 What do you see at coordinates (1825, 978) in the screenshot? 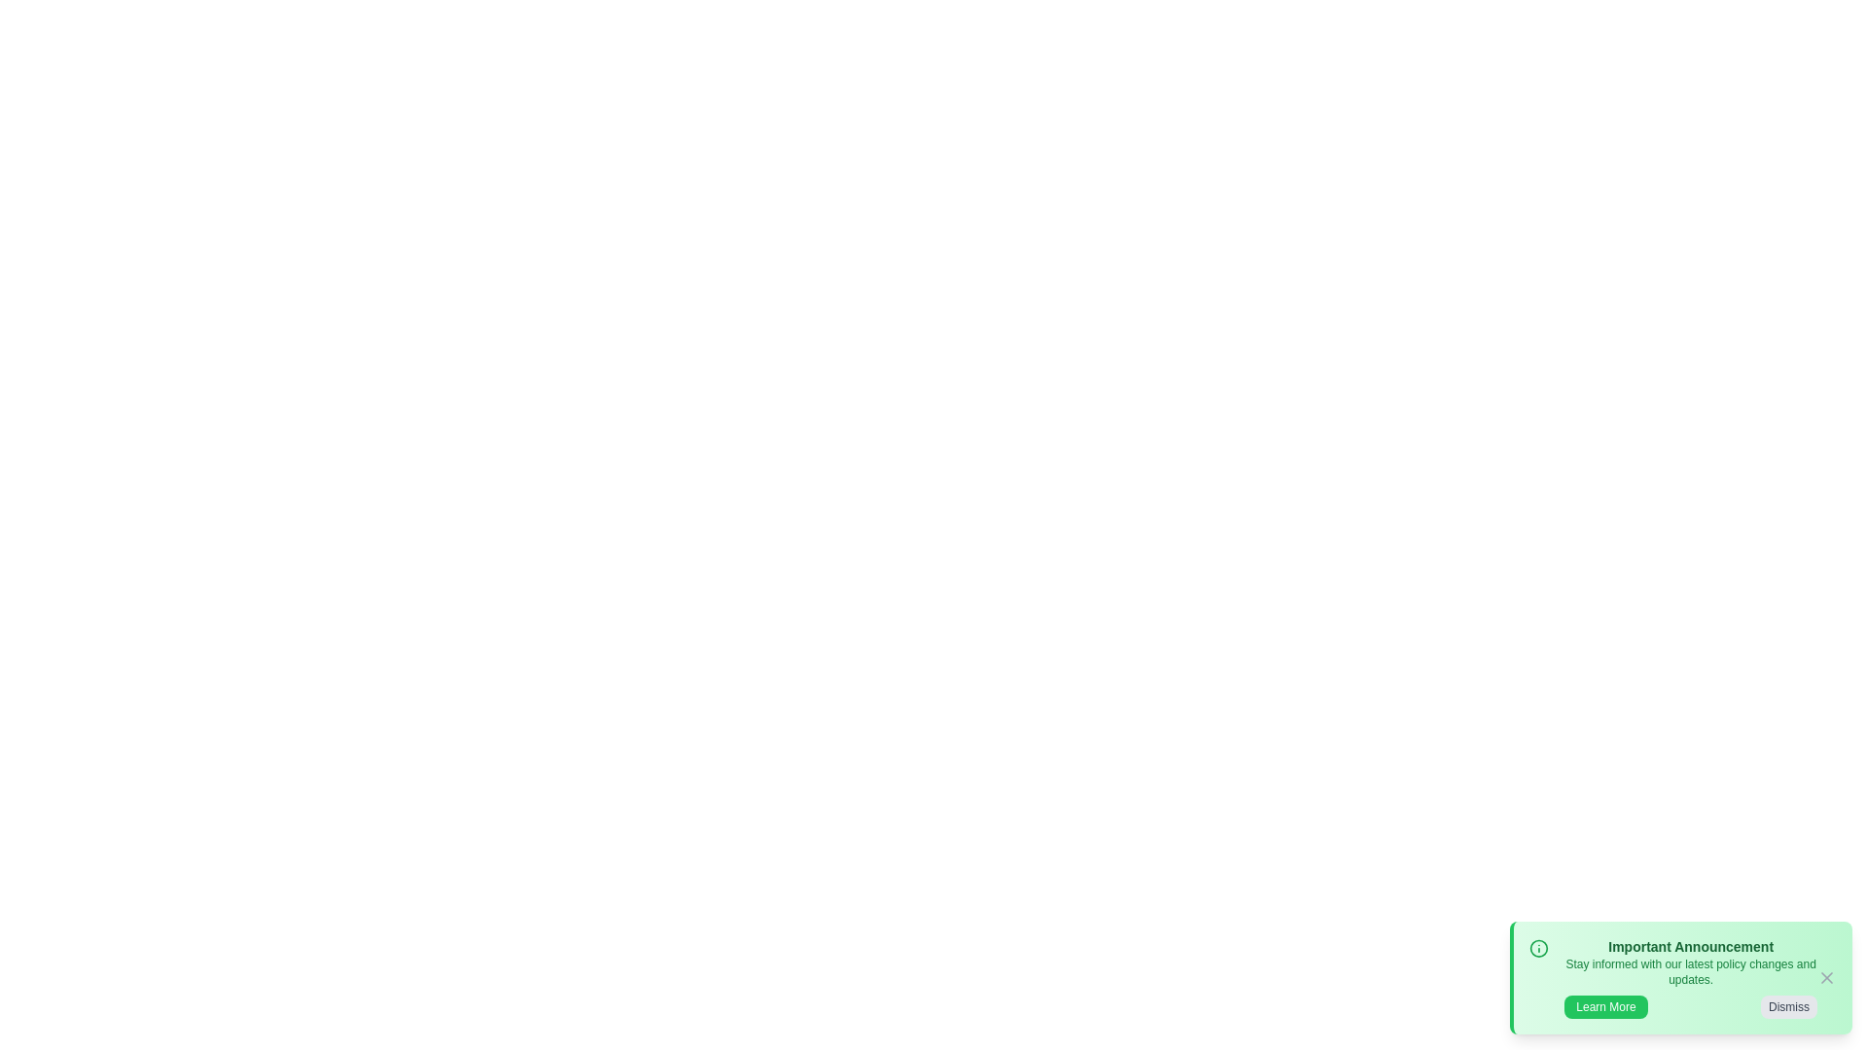
I see `the 'X' icon to observe hover effects` at bounding box center [1825, 978].